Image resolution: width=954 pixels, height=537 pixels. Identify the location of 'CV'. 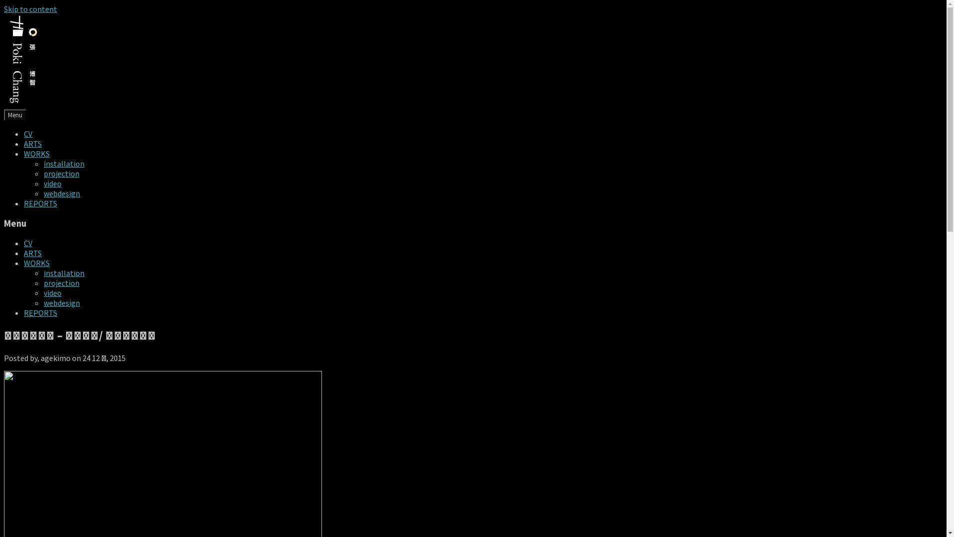
(28, 133).